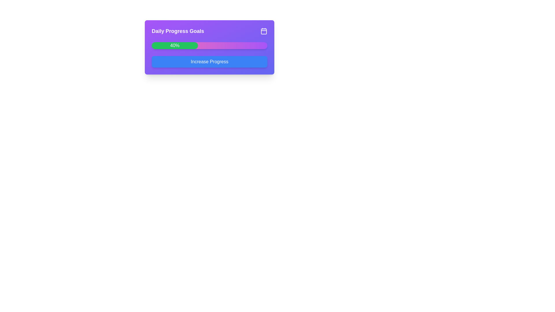 This screenshot has width=555, height=312. Describe the element at coordinates (174, 45) in the screenshot. I see `the filled portion of the progress bar located on the left side of the larger progress bar UI component, which has a gradient purple-pink background` at that location.